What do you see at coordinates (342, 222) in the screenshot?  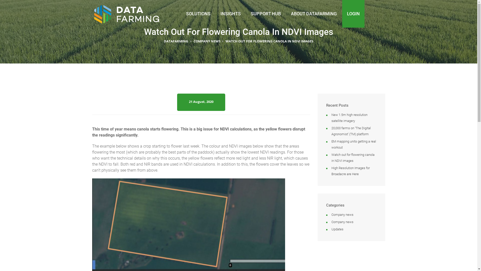 I see `'Company news'` at bounding box center [342, 222].